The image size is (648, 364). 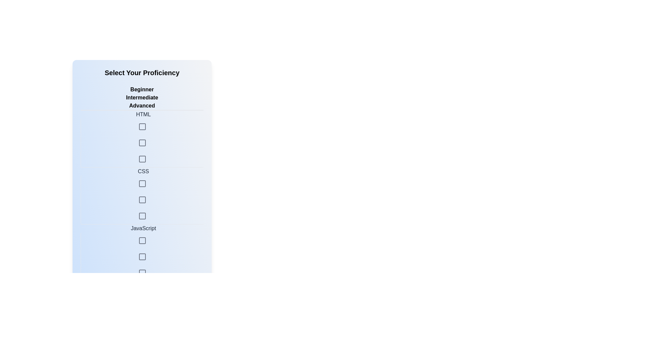 I want to click on the skill level Intermediate for the skill Node.js, so click(x=142, y=354).